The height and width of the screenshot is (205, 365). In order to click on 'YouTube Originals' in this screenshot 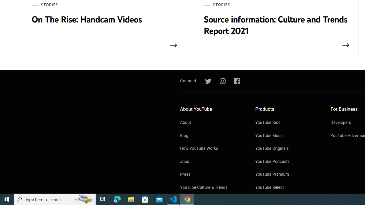, I will do `click(287, 149)`.